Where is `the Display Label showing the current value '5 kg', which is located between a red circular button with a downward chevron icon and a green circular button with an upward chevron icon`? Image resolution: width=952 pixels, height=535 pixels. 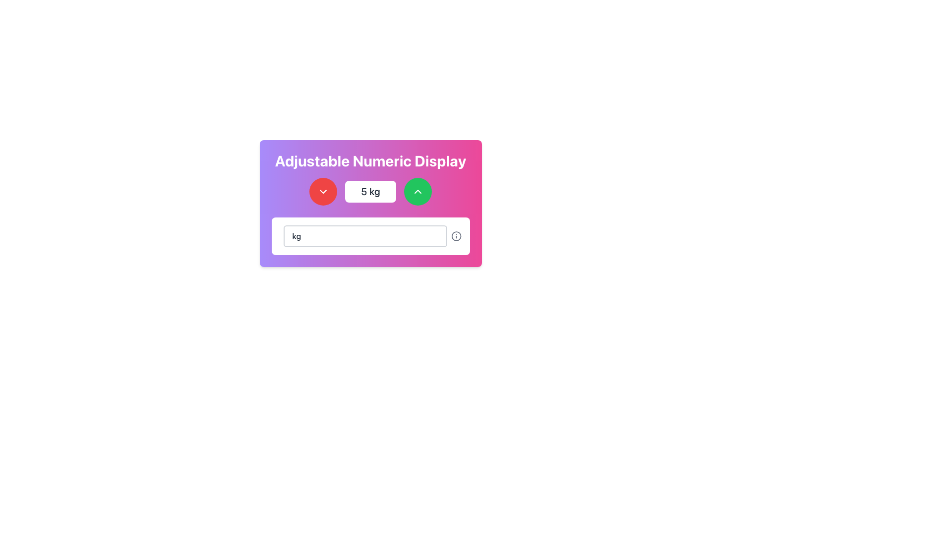 the Display Label showing the current value '5 kg', which is located between a red circular button with a downward chevron icon and a green circular button with an upward chevron icon is located at coordinates (370, 191).